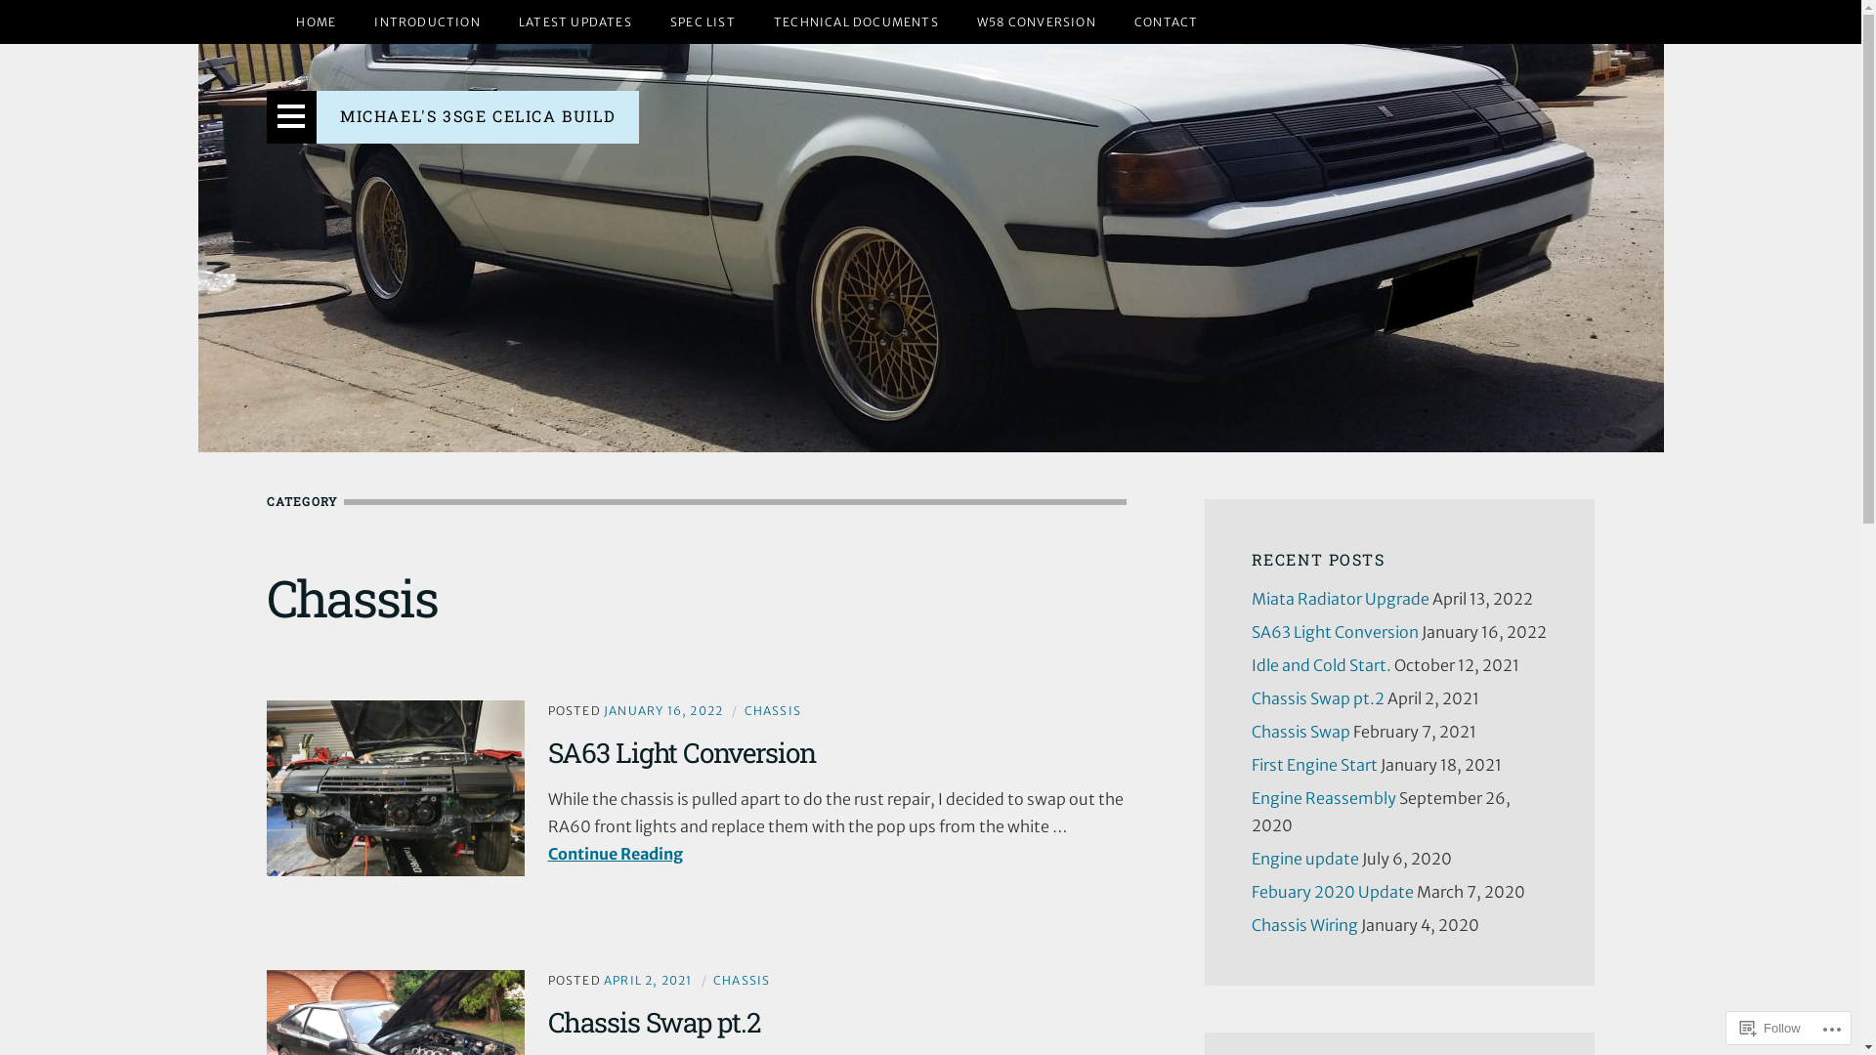 The width and height of the screenshot is (1876, 1055). Describe the element at coordinates (547, 853) in the screenshot. I see `'Continue Reading'` at that location.